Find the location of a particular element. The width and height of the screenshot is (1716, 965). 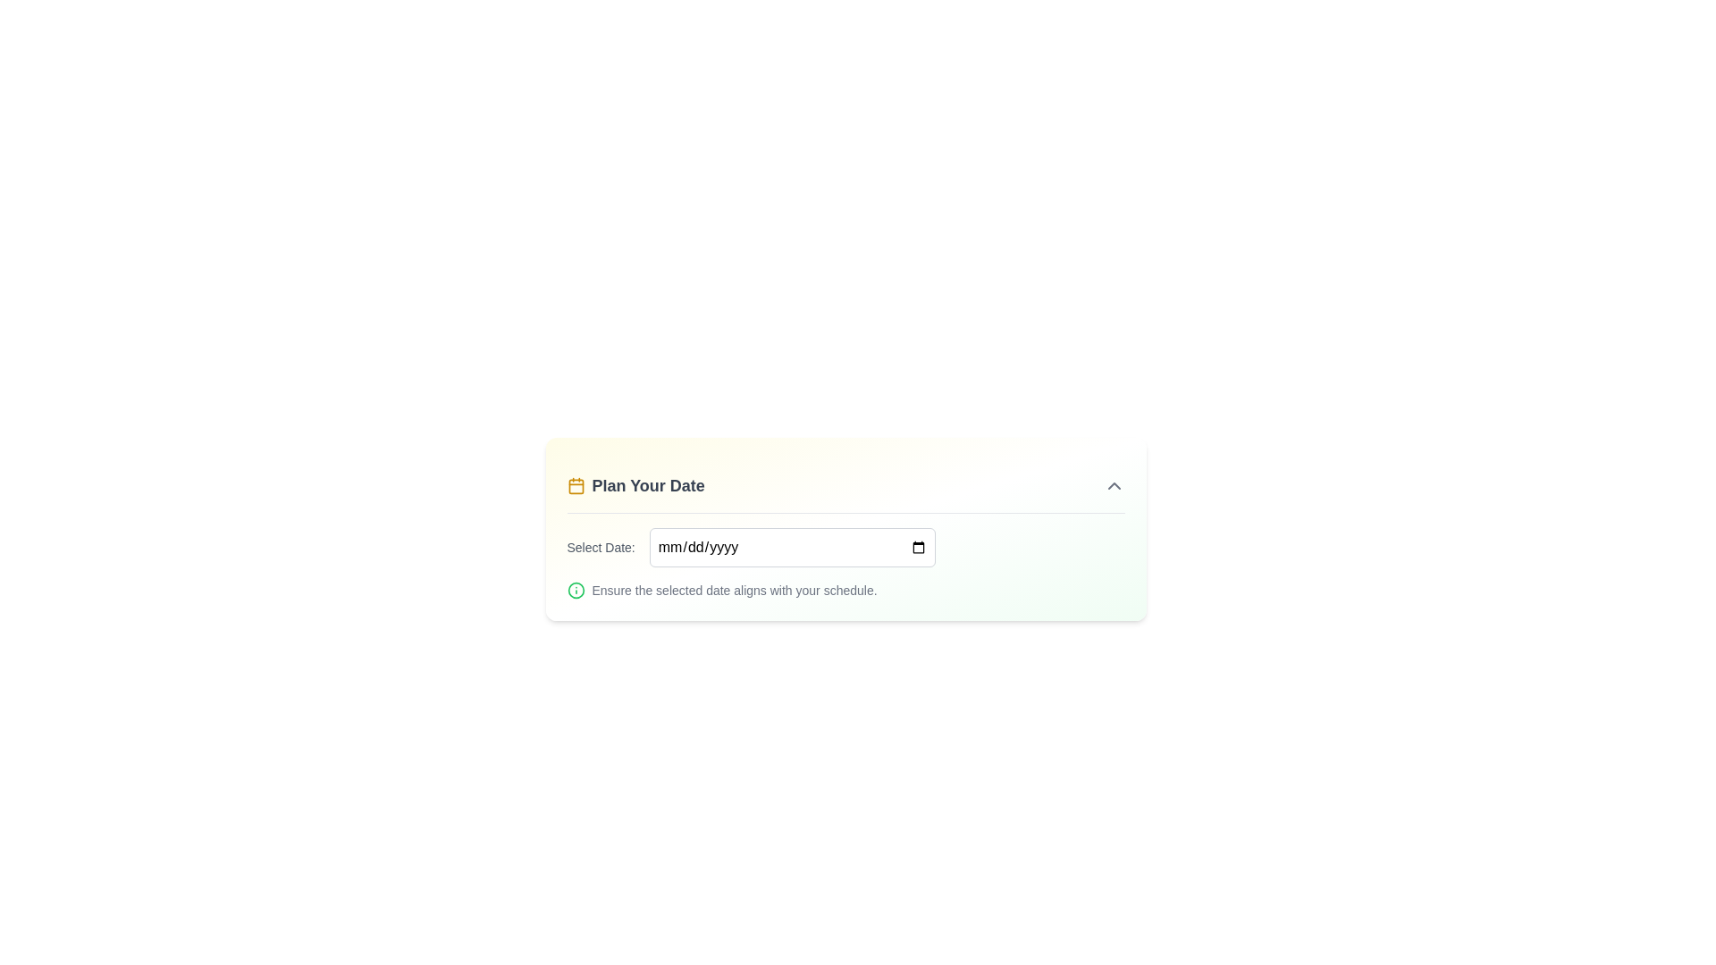

the Date input field labeled 'Select Date:' is located at coordinates (845, 547).